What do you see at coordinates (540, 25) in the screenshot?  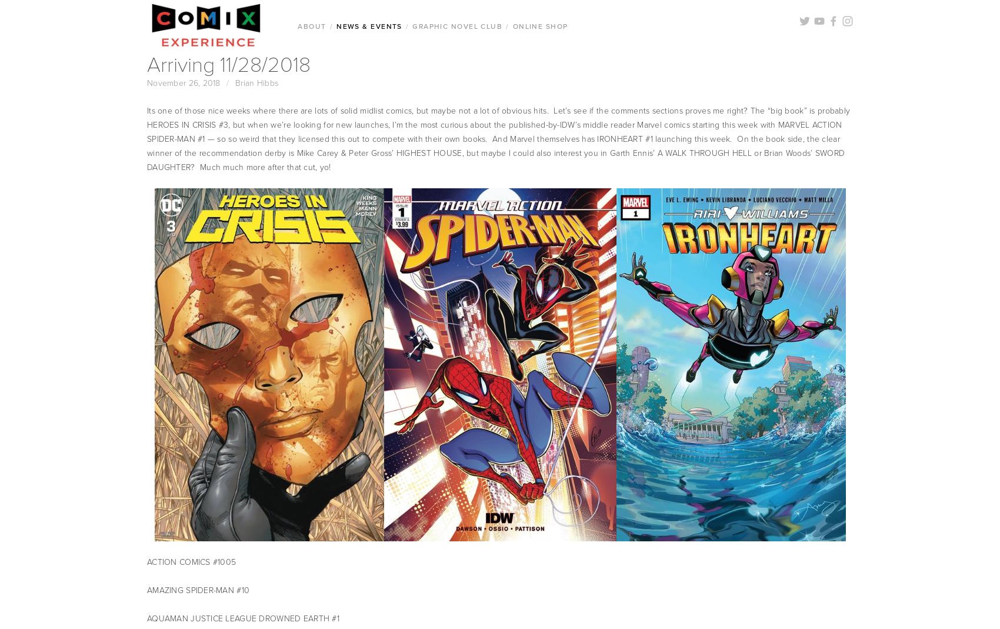 I see `'Online Shop'` at bounding box center [540, 25].